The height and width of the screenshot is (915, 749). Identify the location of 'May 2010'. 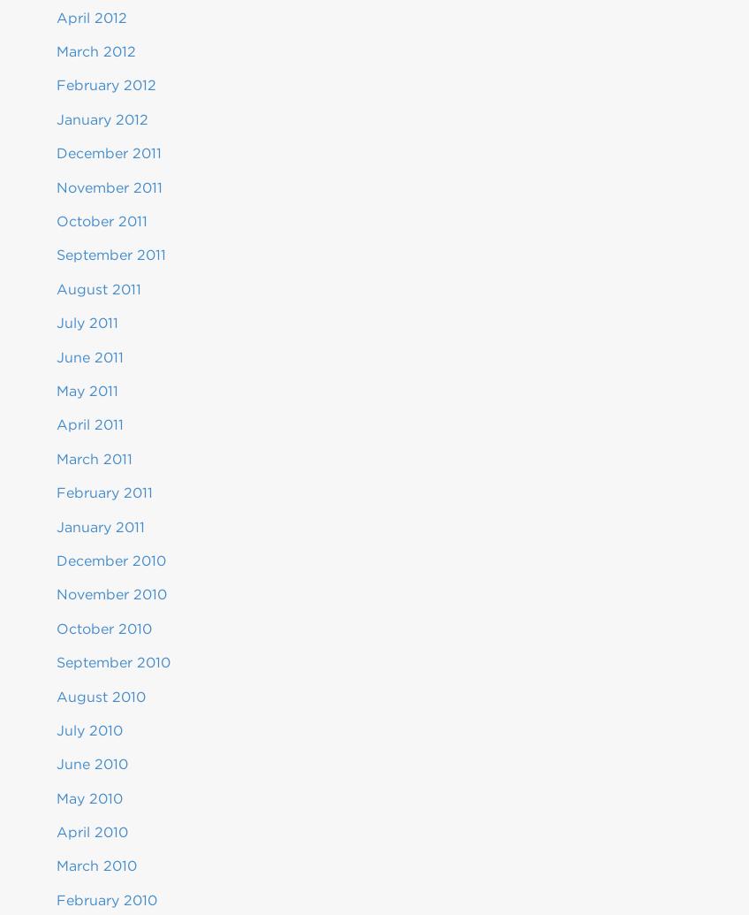
(57, 797).